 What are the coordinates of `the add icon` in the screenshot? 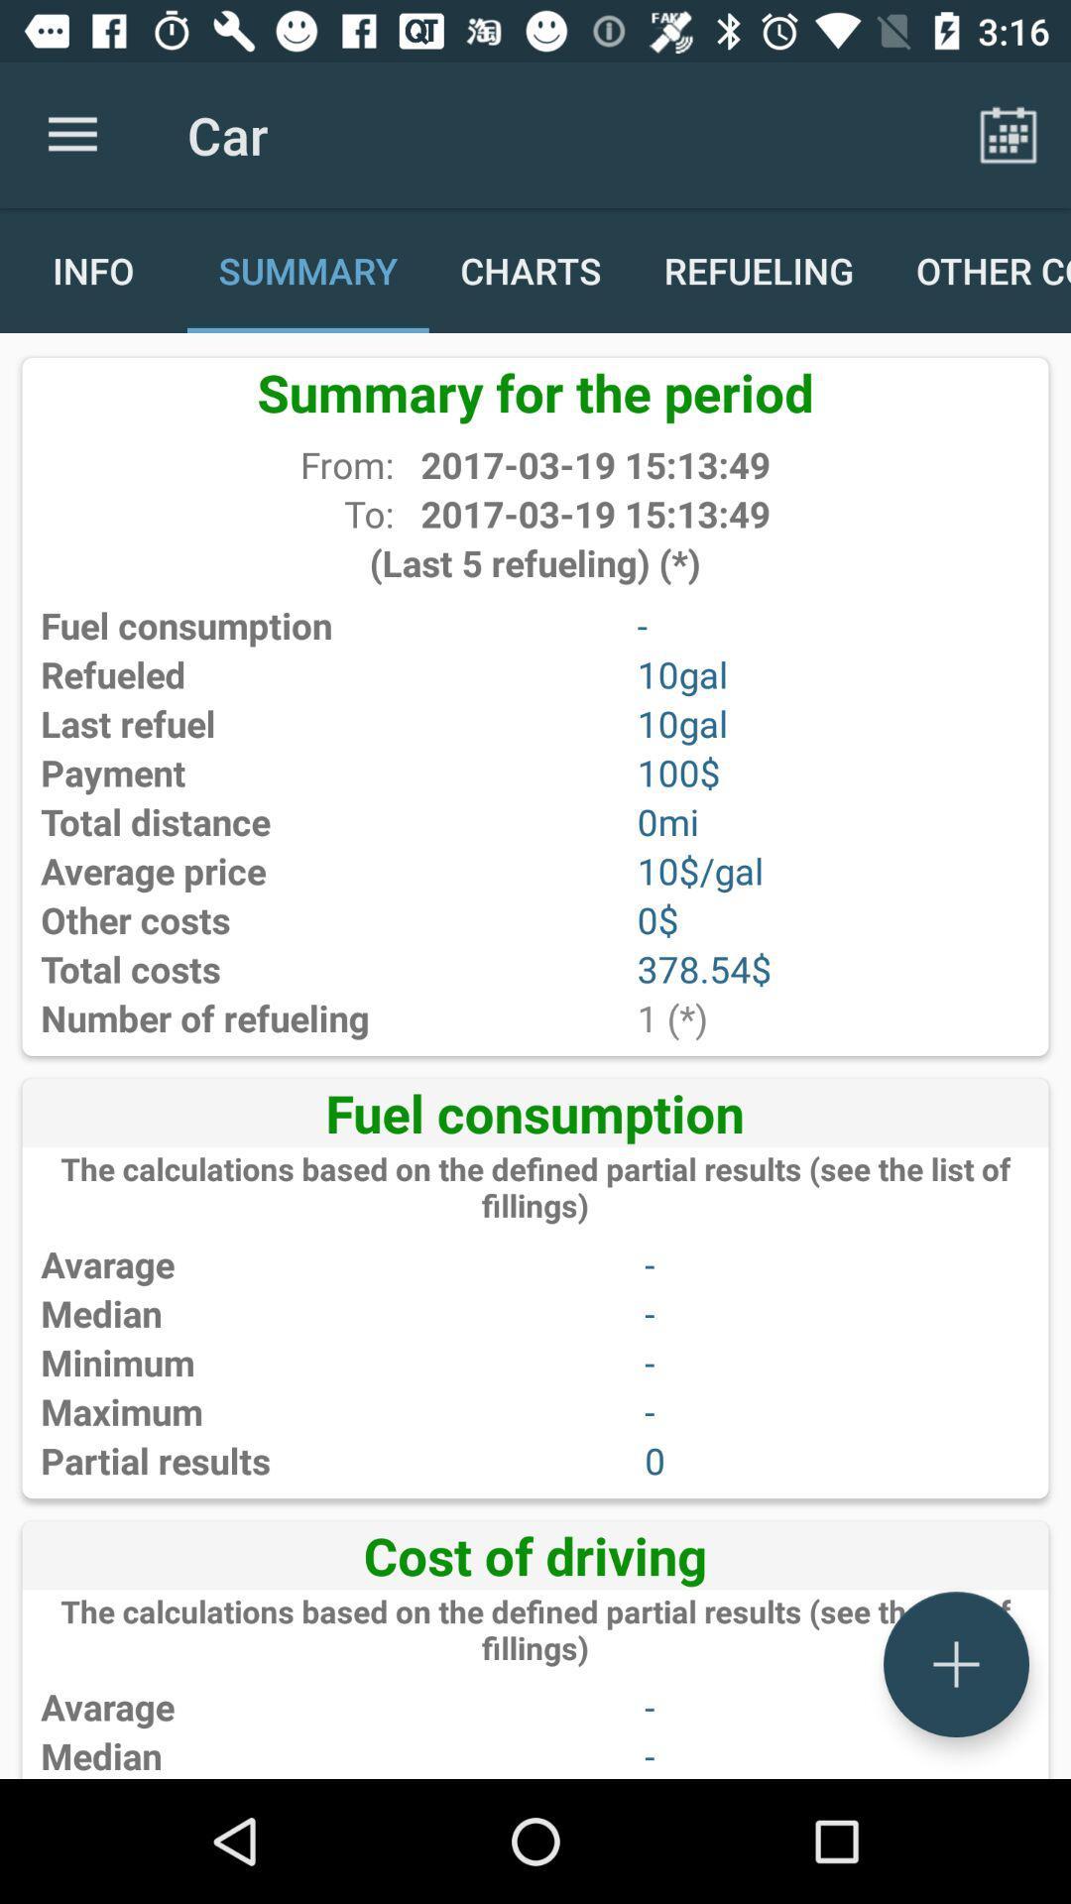 It's located at (955, 1664).